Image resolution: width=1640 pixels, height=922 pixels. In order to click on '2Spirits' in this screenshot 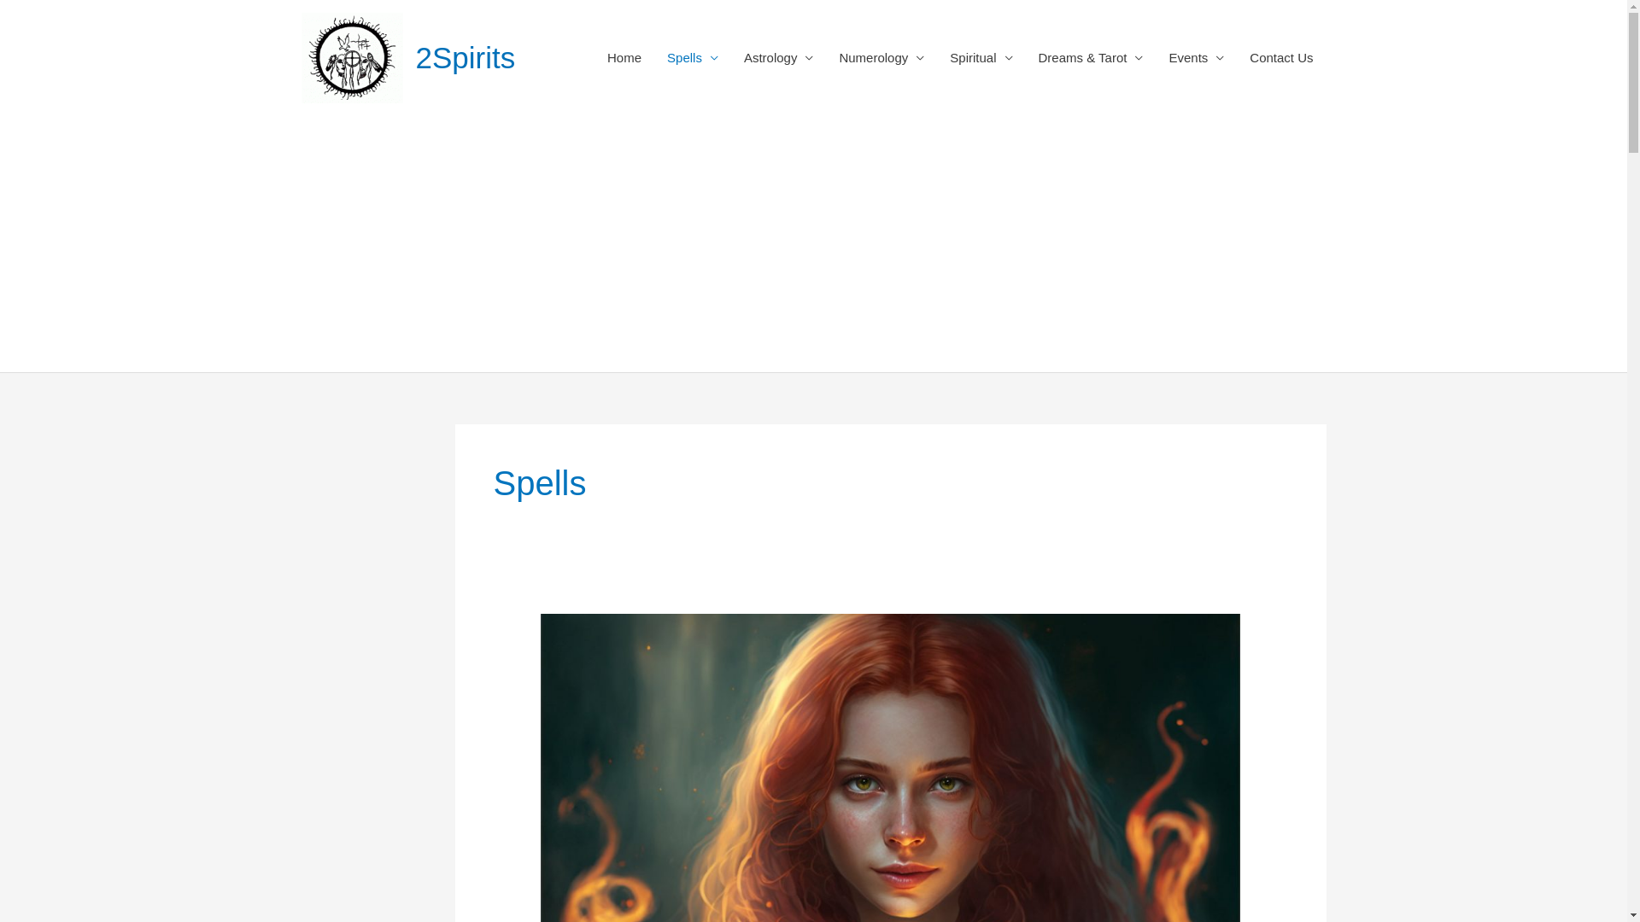, I will do `click(414, 56)`.